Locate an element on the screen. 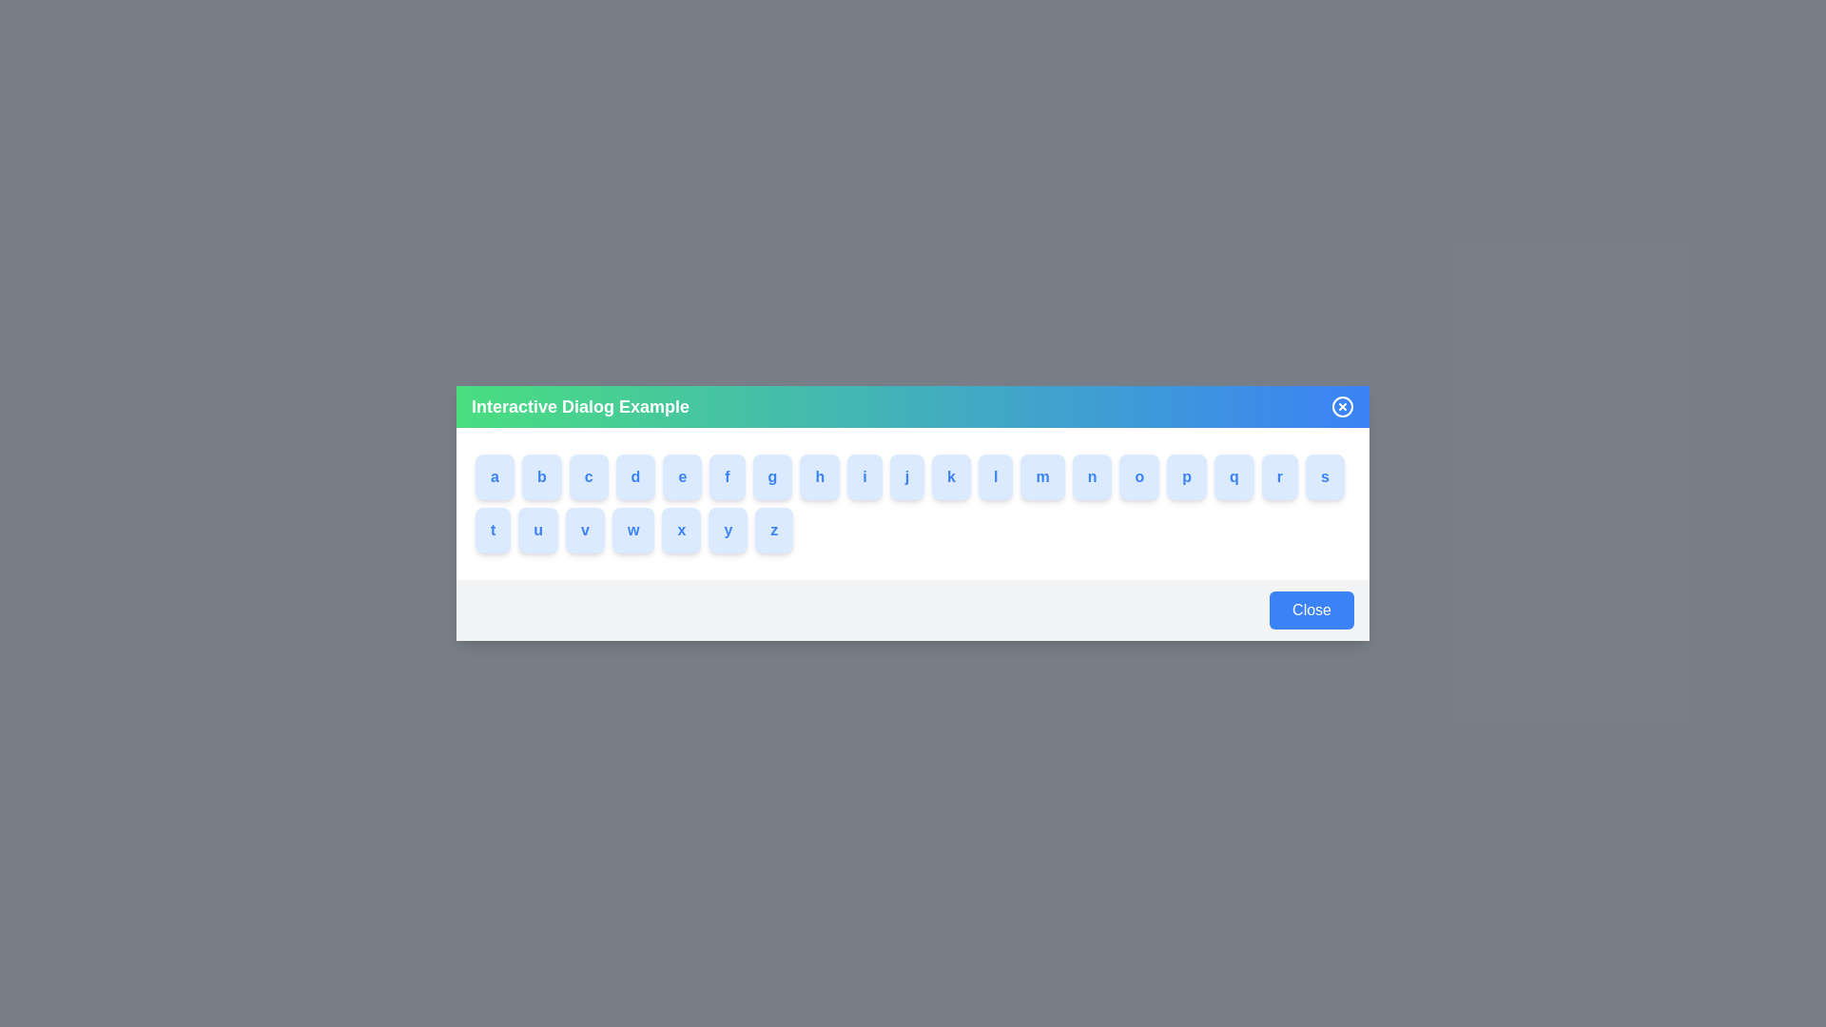 The image size is (1826, 1027). the button labeled with t is located at coordinates (494, 531).